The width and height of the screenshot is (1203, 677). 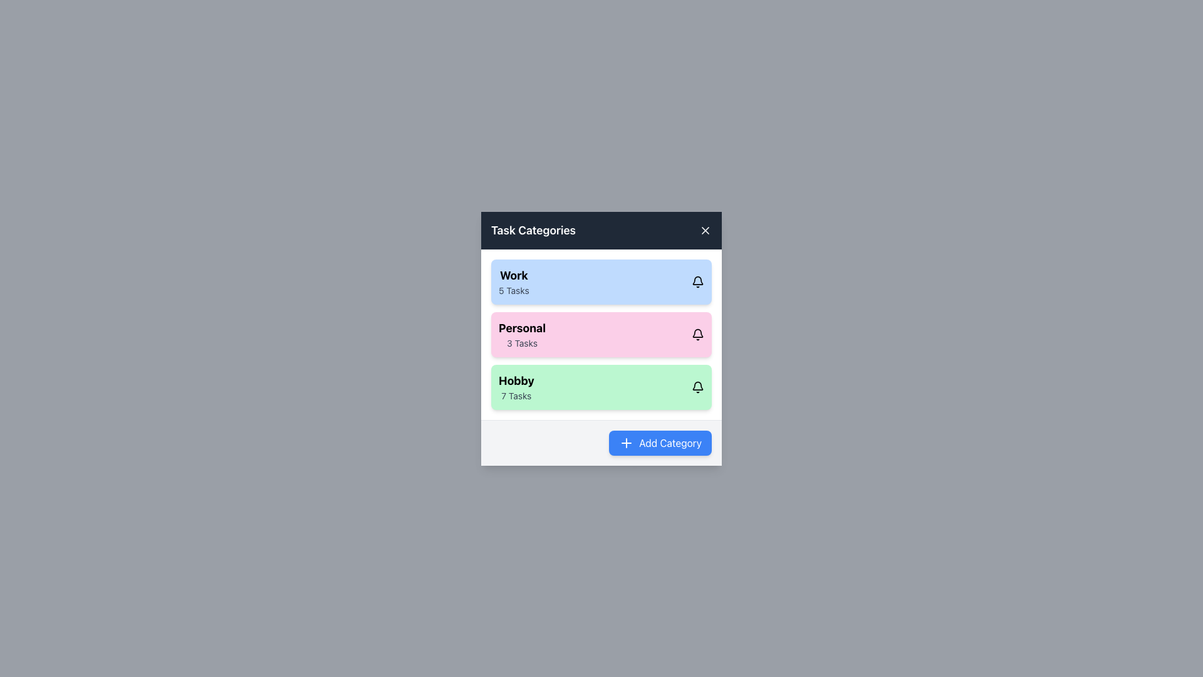 What do you see at coordinates (627, 442) in the screenshot?
I see `the icon indicating the action to add a new category, positioned to the left of the 'Add Category' button in the 'Task Categories' modal` at bounding box center [627, 442].